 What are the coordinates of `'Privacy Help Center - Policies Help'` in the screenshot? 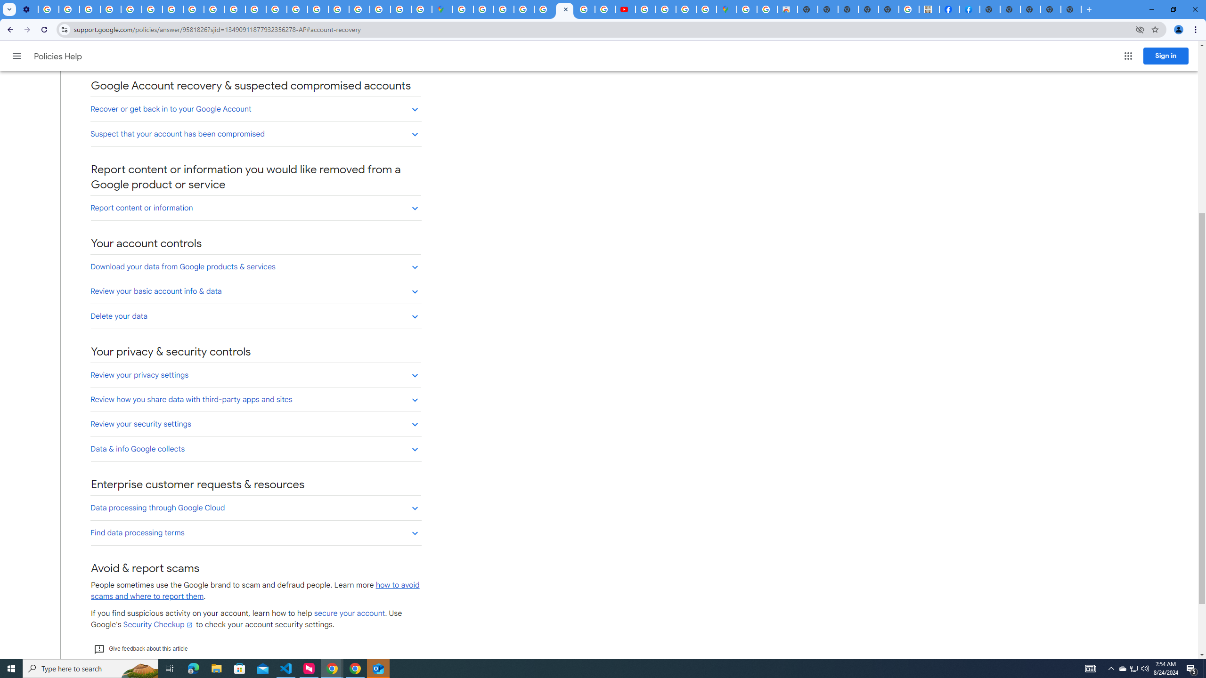 It's located at (131, 9).